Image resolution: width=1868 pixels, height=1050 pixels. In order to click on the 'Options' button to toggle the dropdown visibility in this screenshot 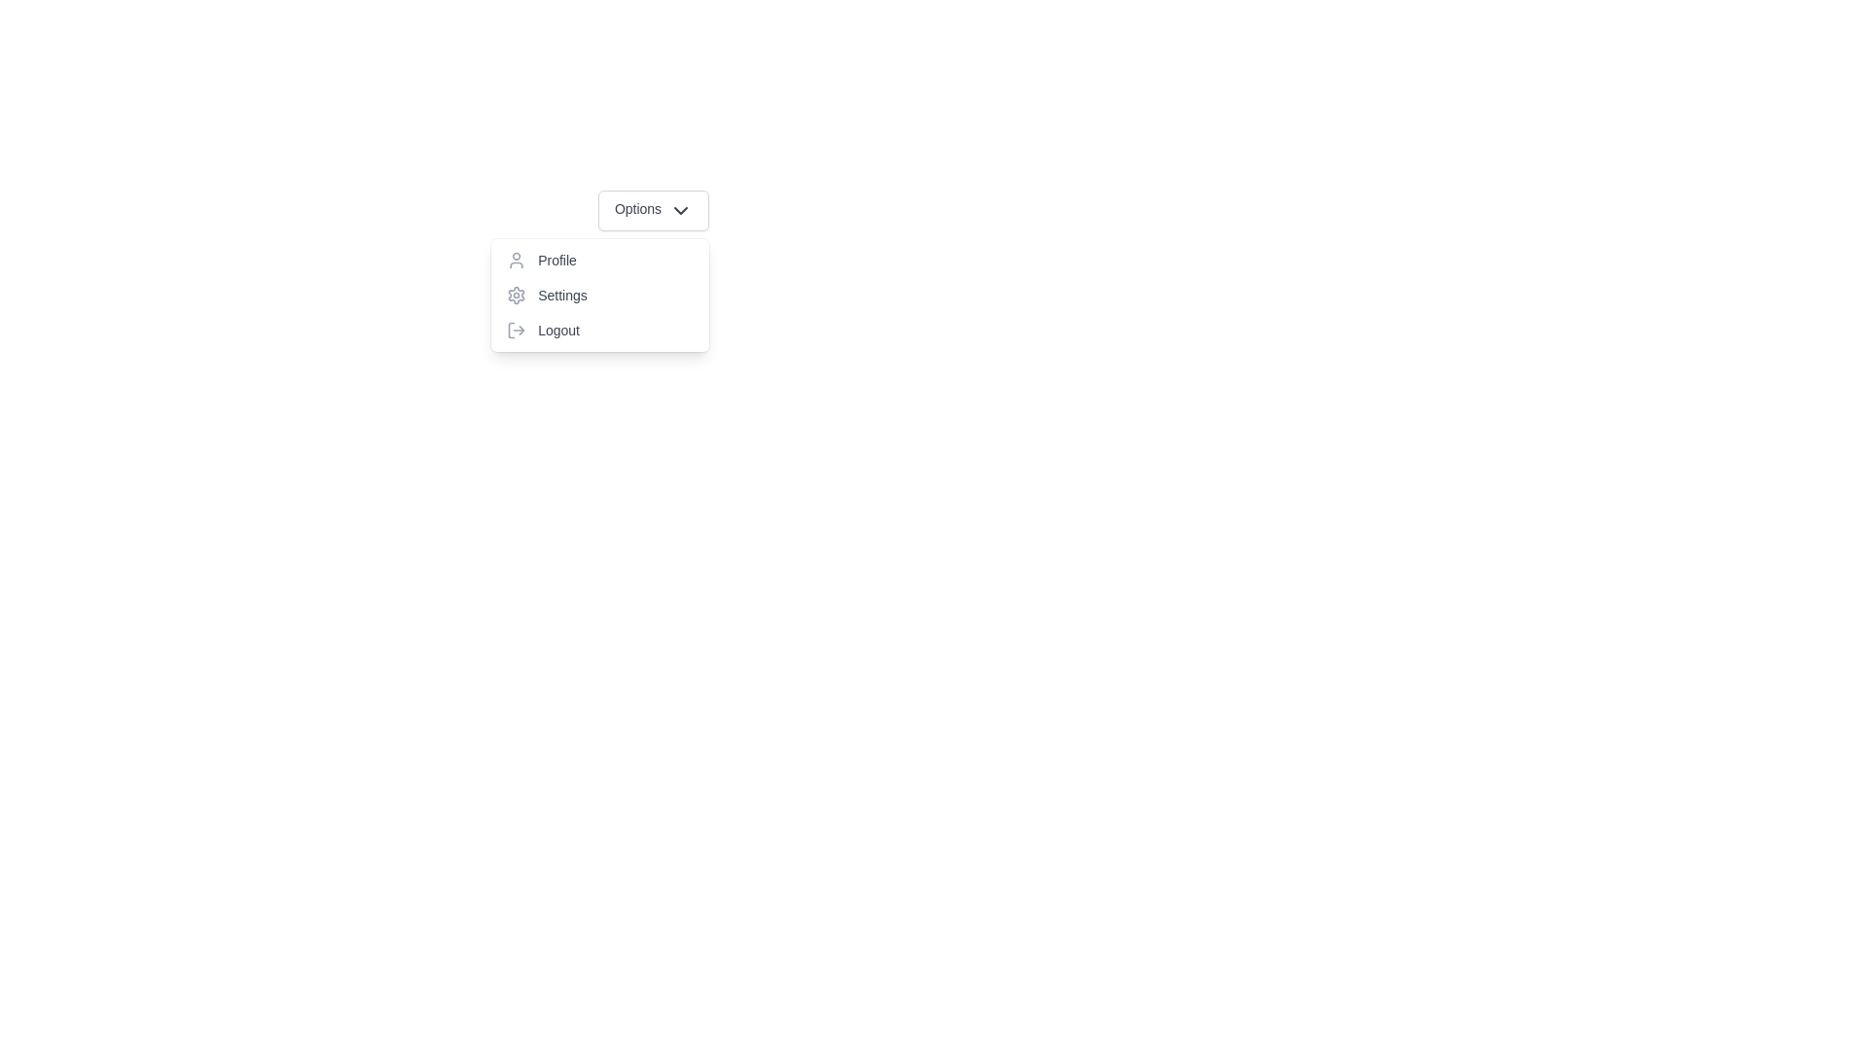, I will do `click(654, 210)`.